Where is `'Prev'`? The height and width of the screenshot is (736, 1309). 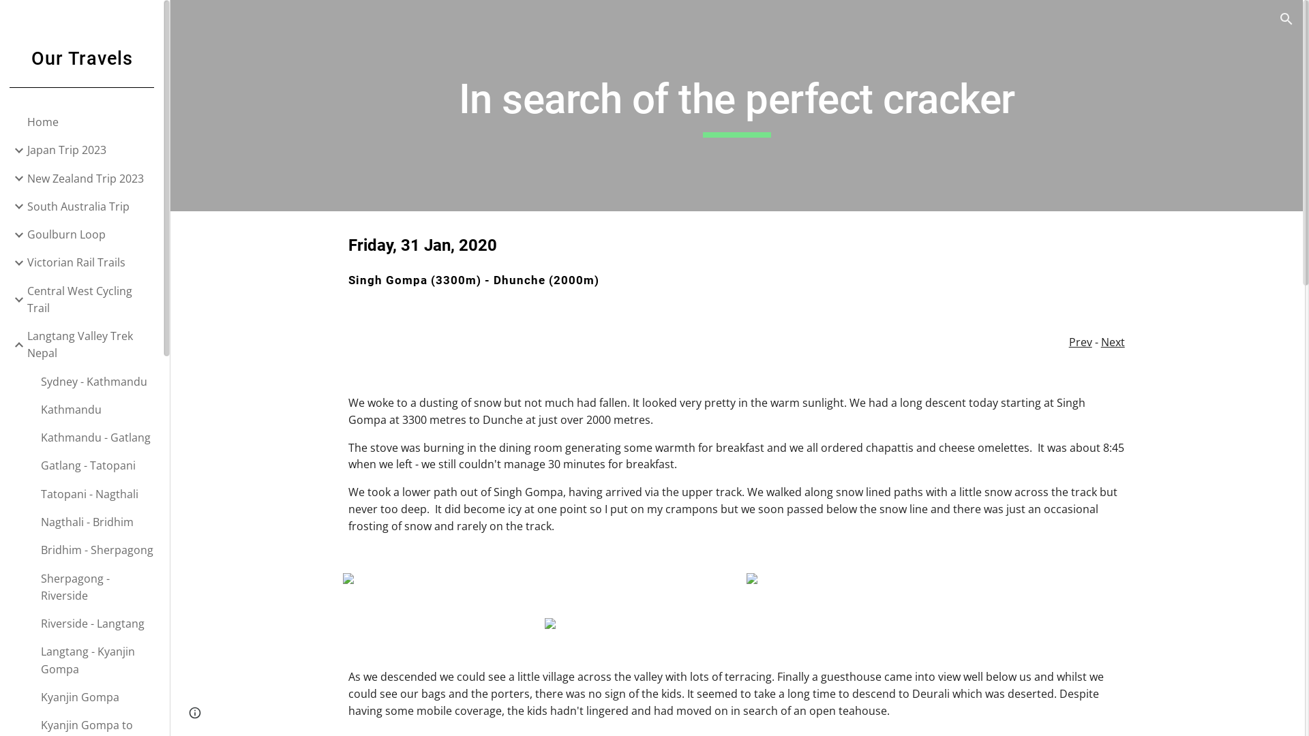 'Prev' is located at coordinates (1068, 341).